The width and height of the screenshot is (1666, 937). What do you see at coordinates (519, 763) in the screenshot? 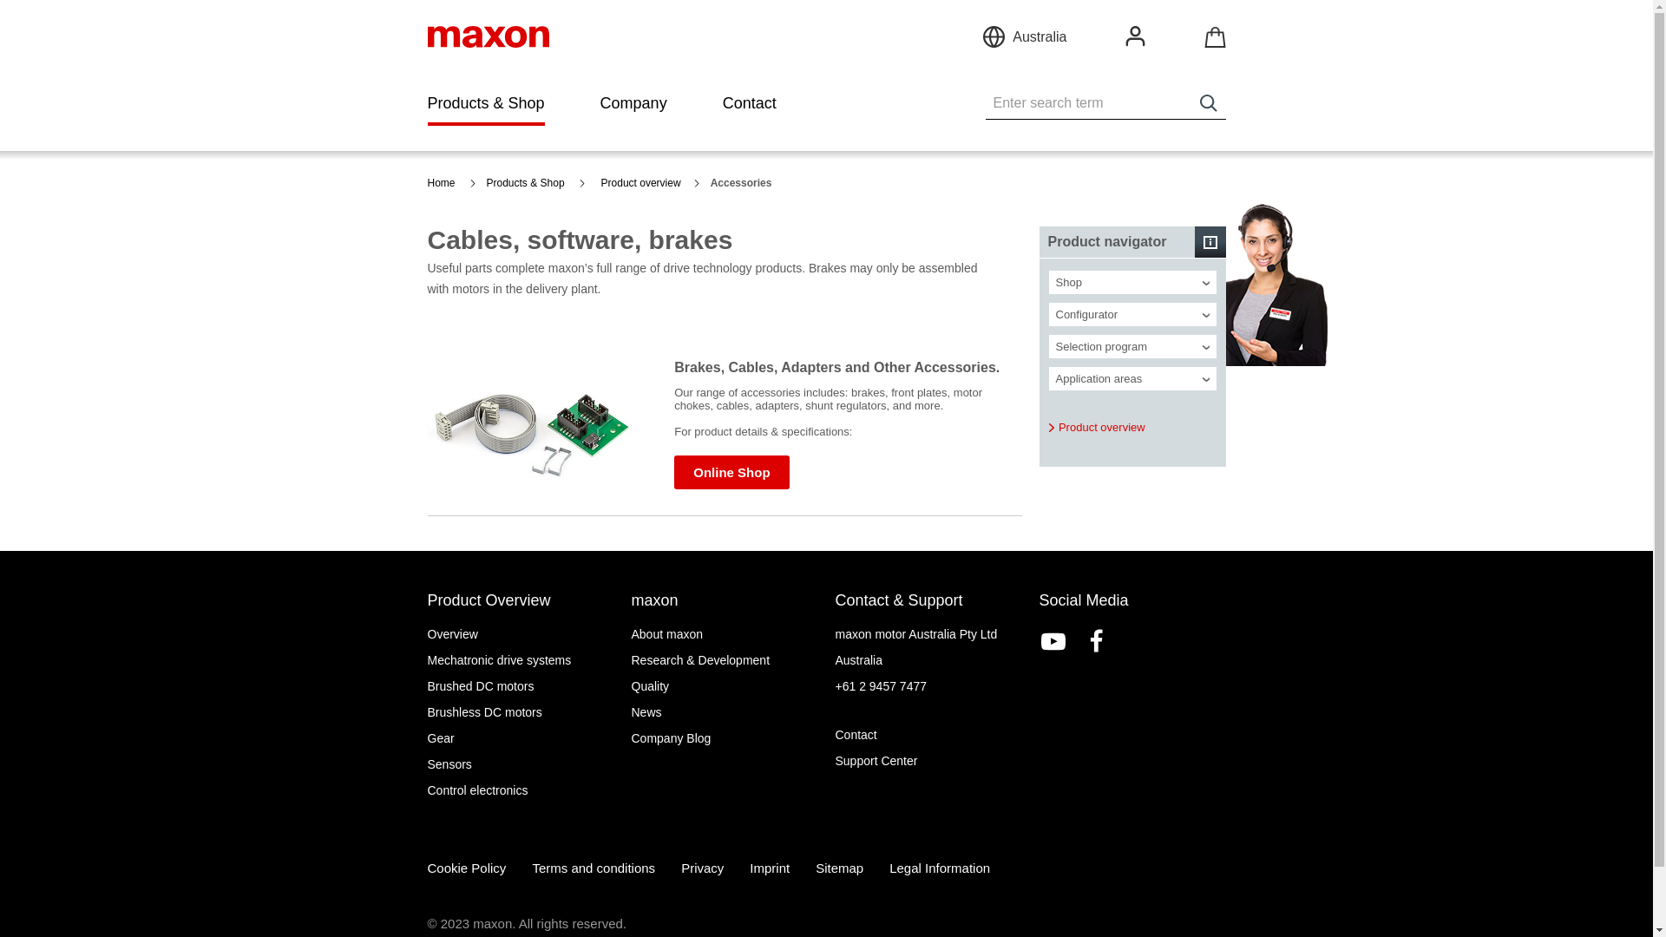
I see `'Sensors'` at bounding box center [519, 763].